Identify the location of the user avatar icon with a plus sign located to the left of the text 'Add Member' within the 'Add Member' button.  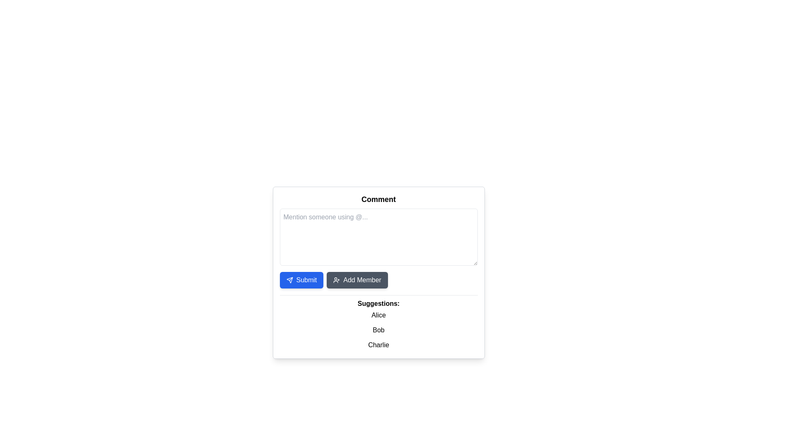
(337, 280).